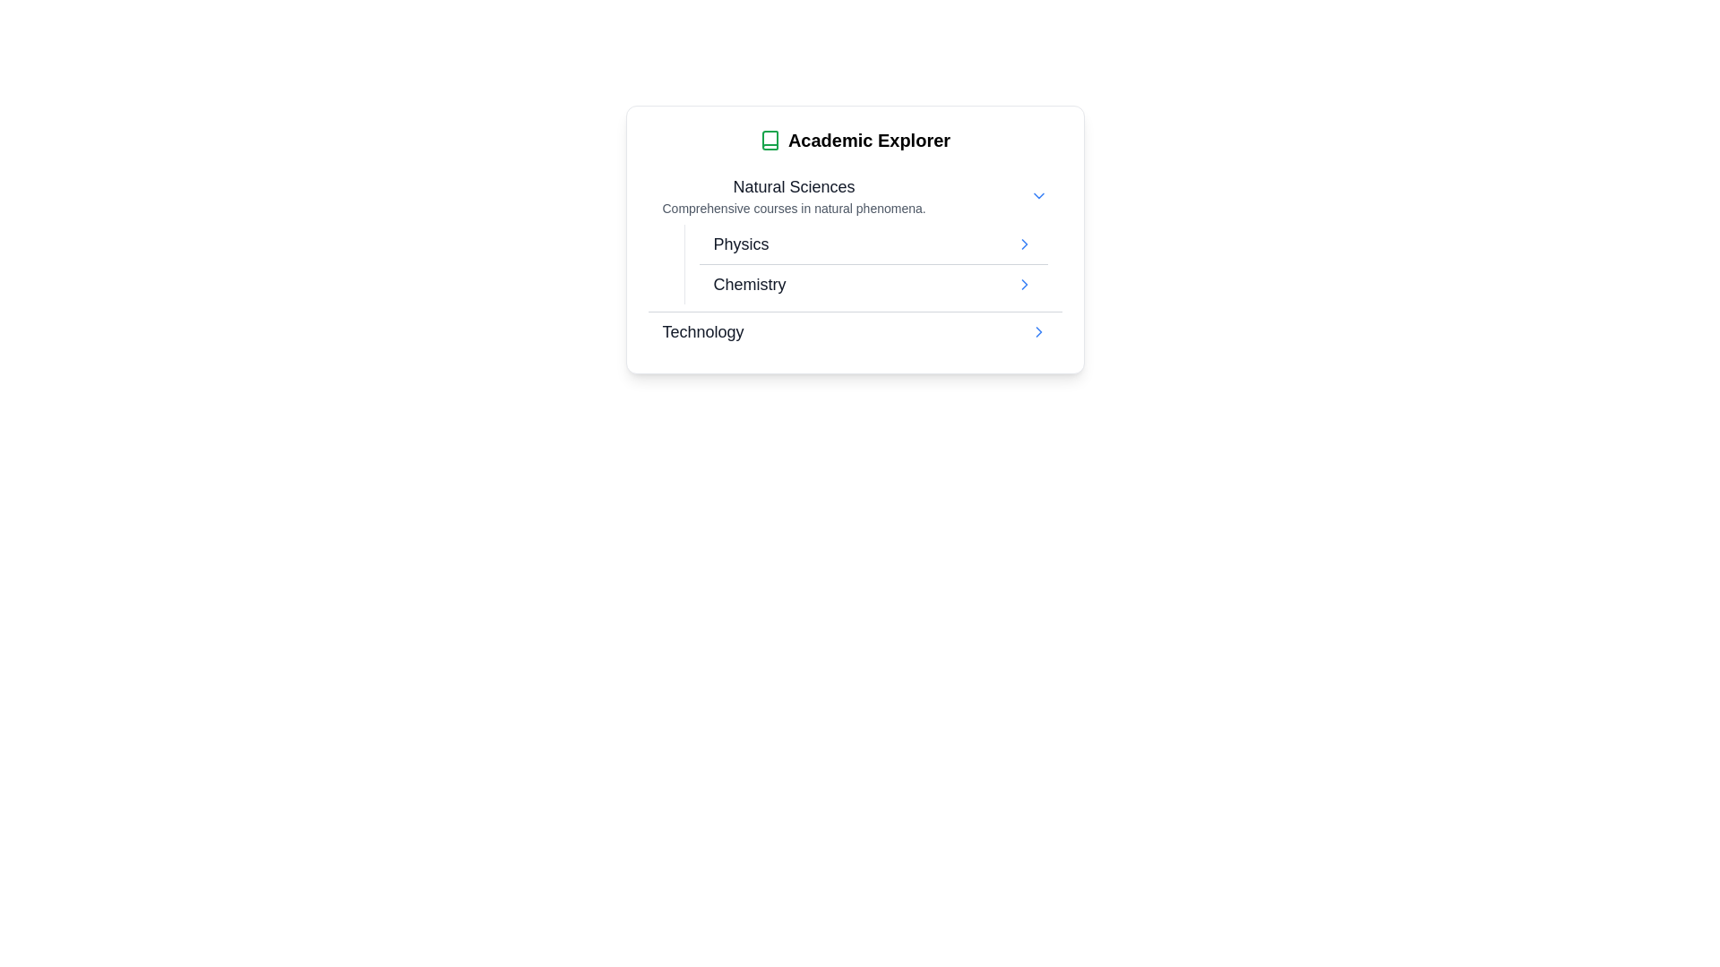 This screenshot has height=967, width=1720. Describe the element at coordinates (741, 244) in the screenshot. I see `the label that serves as an indicator for the selectable list item under the 'Natural Sciences' category, positioned at the topmost entry before 'Chemistry'` at that location.